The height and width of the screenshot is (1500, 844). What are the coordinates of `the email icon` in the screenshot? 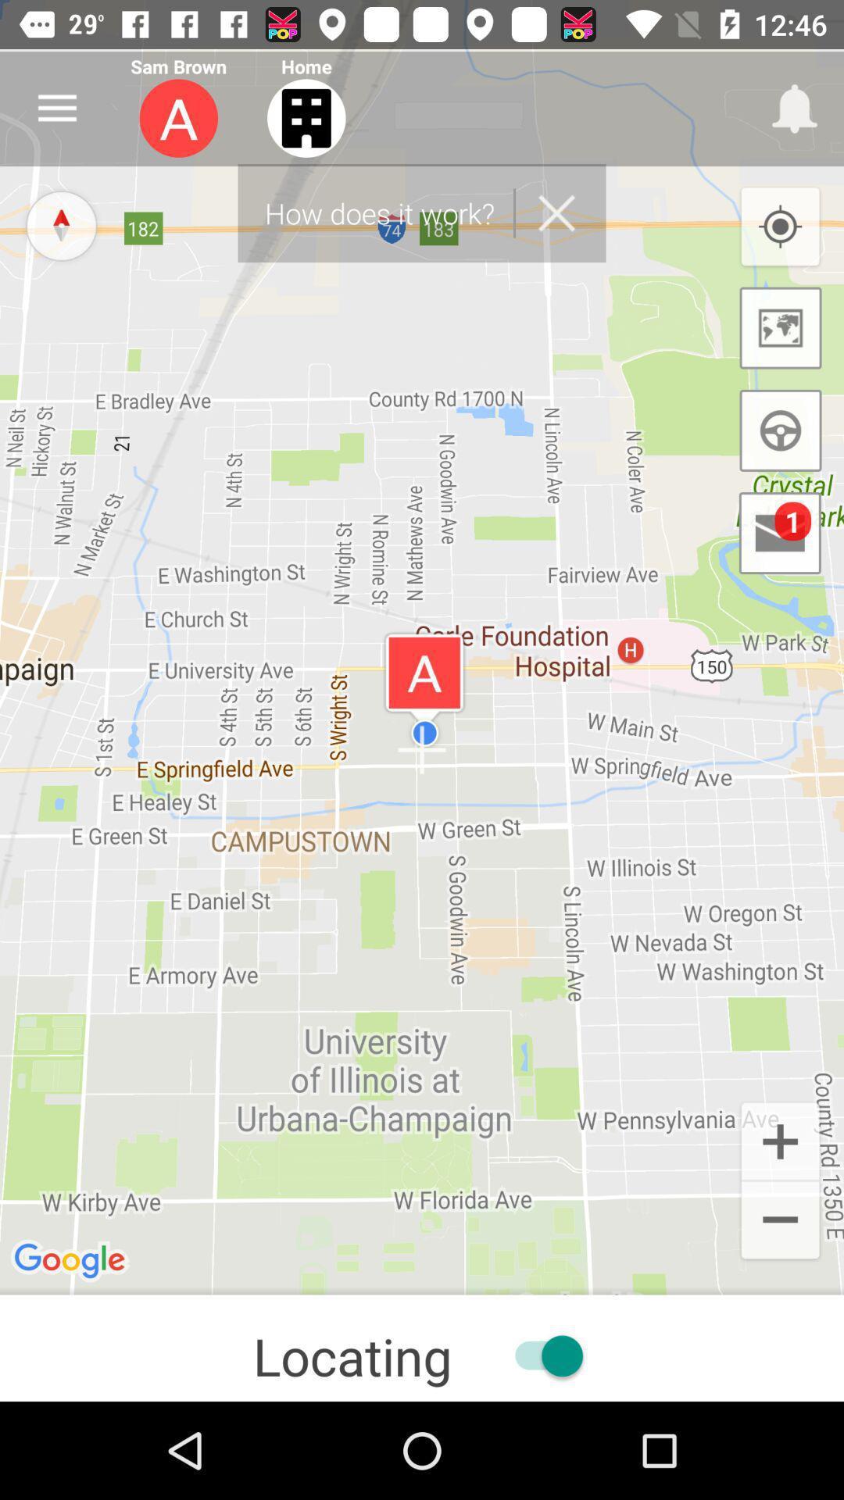 It's located at (780, 533).